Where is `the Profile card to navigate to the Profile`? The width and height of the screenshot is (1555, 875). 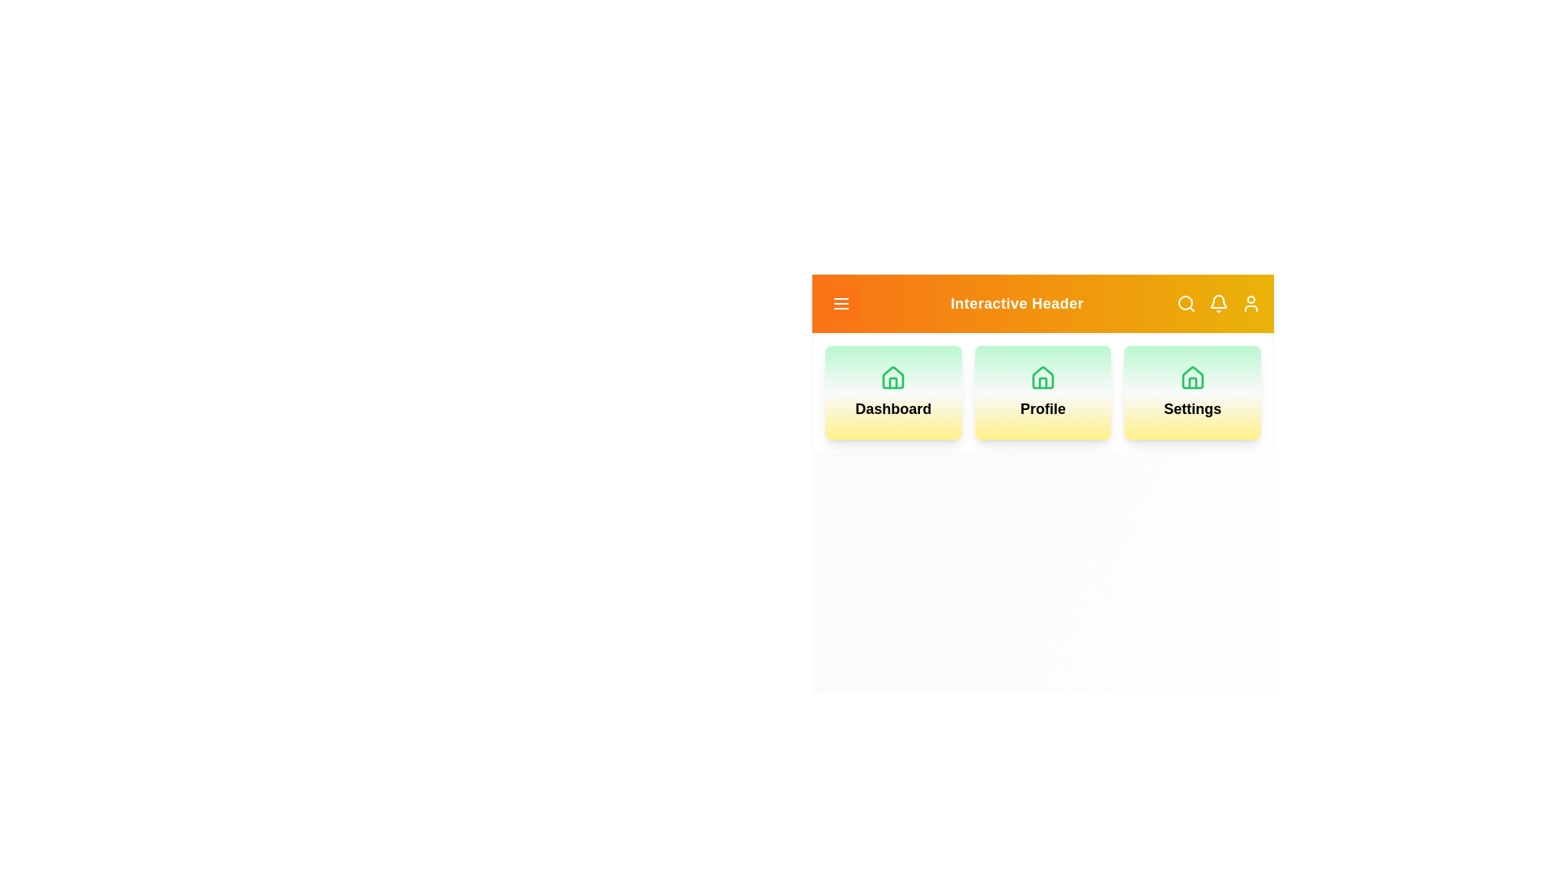
the Profile card to navigate to the Profile is located at coordinates (1042, 393).